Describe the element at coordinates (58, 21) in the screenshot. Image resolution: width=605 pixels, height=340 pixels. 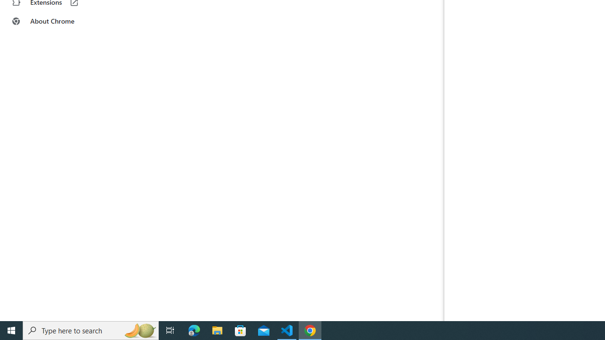
I see `'About Chrome'` at that location.